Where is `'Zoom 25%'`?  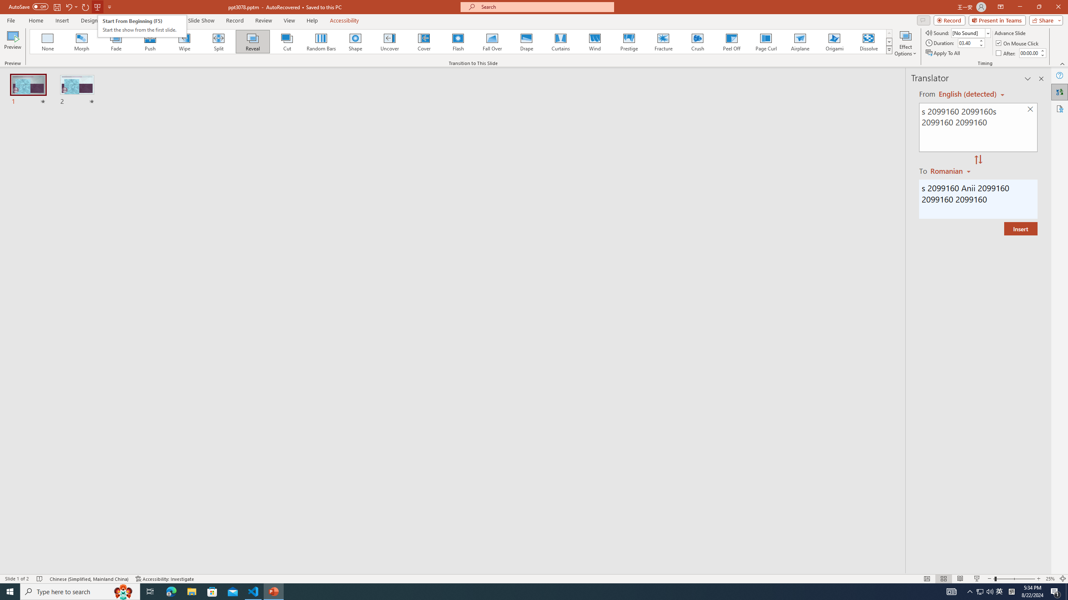 'Zoom 25%' is located at coordinates (1050, 579).